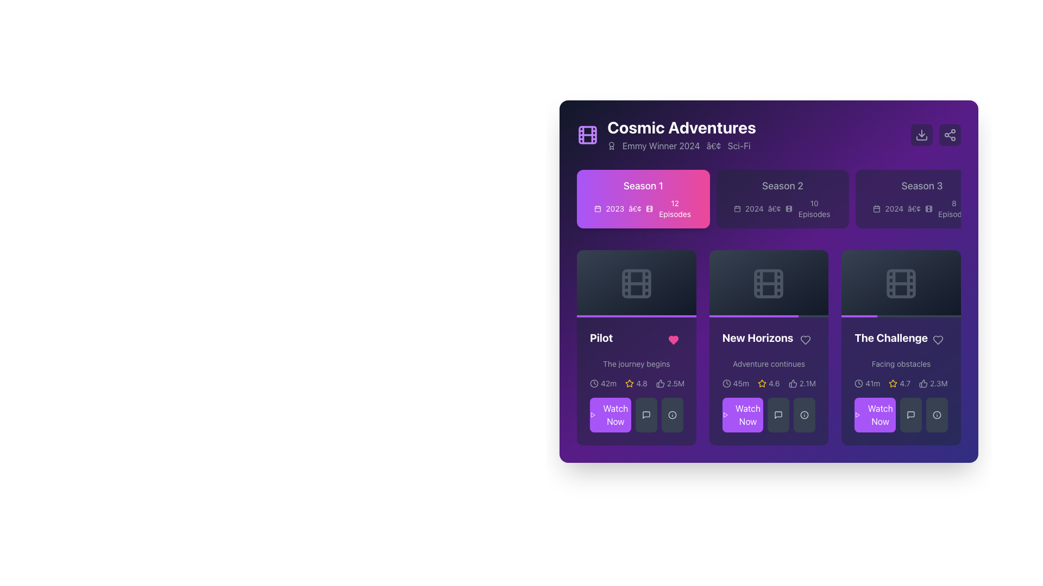 The image size is (1043, 586). Describe the element at coordinates (671, 415) in the screenshot. I see `the action button located as the third button in the sequence beneath the 'Pilot' card` at that location.